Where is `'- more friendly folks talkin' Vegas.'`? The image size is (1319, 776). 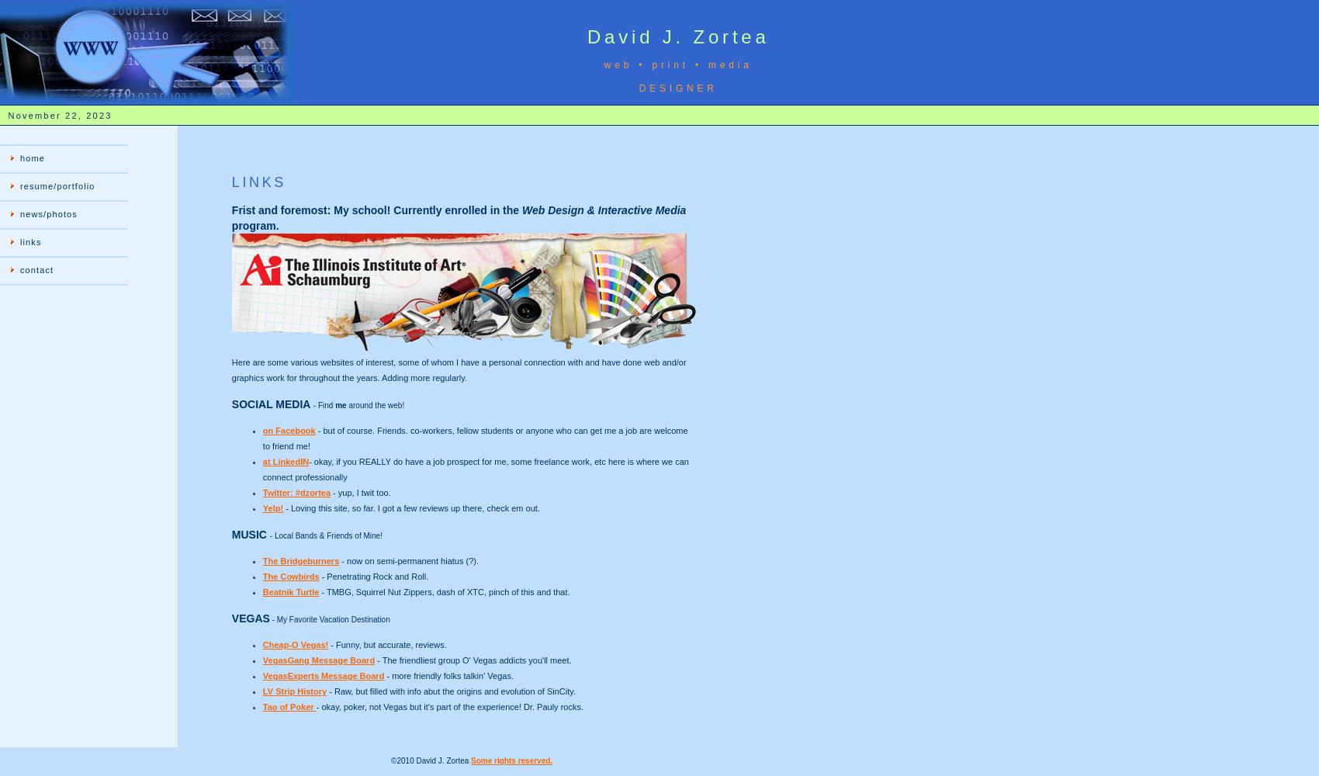 '- more friendly folks talkin' Vegas.' is located at coordinates (448, 675).